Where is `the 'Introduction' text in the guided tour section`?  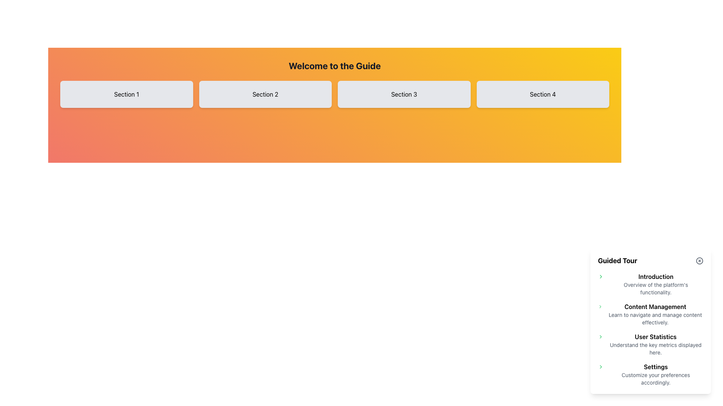
the 'Introduction' text in the guided tour section is located at coordinates (655, 284).